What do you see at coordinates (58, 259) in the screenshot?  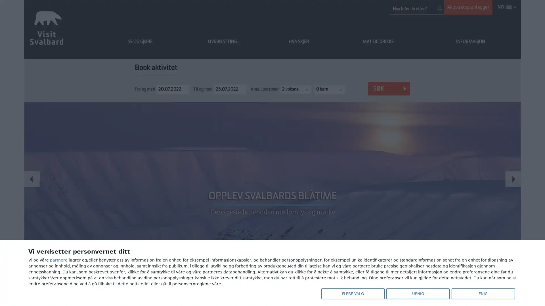 I see `partnere` at bounding box center [58, 259].